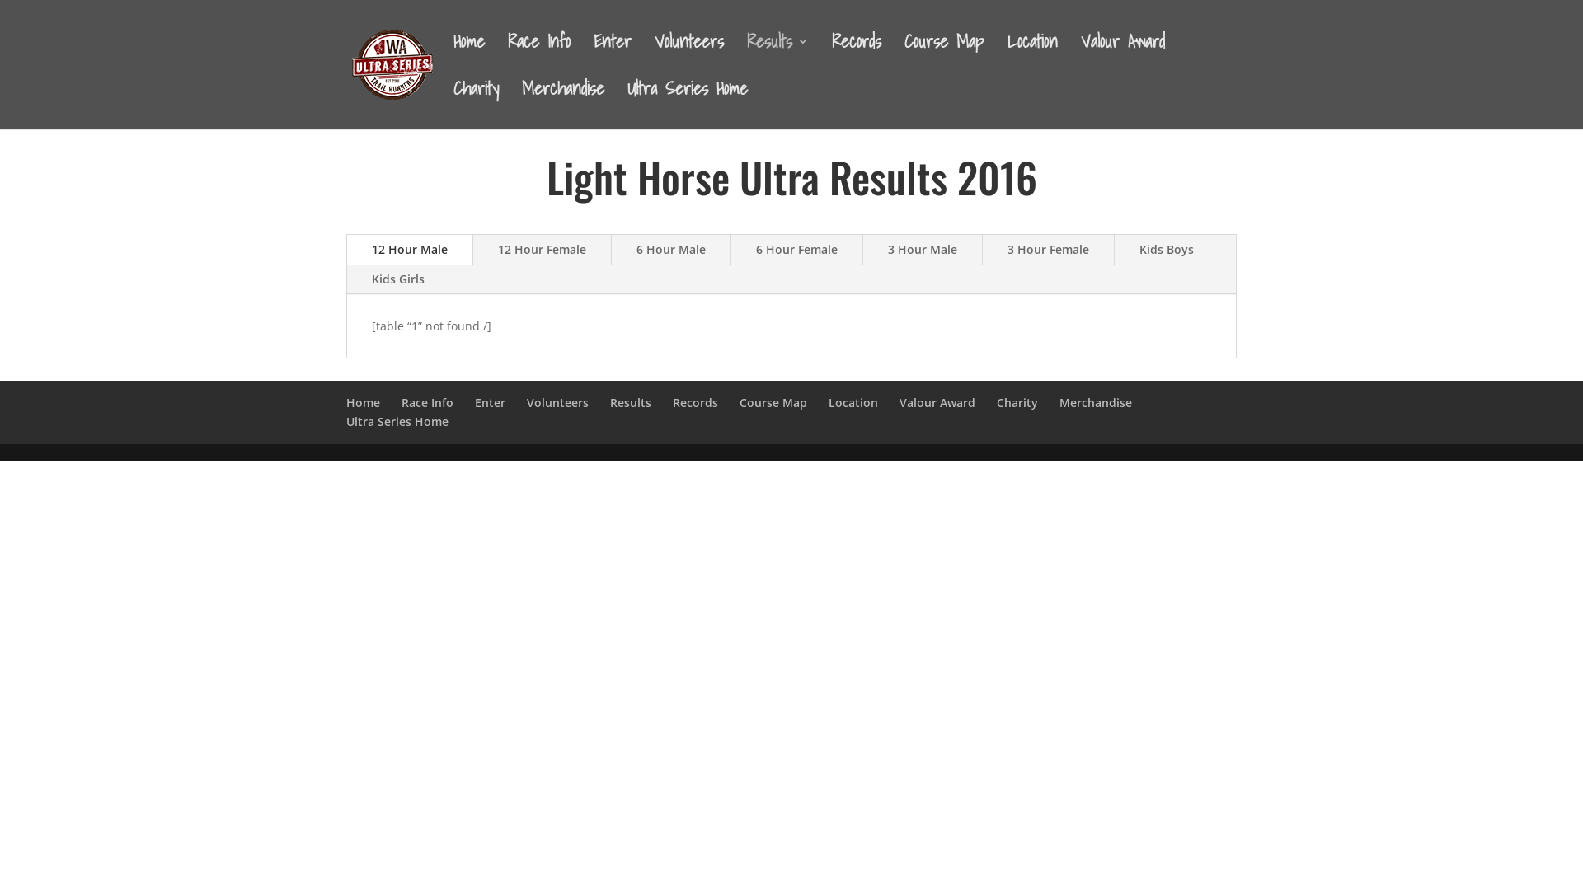 This screenshot has width=1583, height=890. What do you see at coordinates (1166, 250) in the screenshot?
I see `'Kids Boys'` at bounding box center [1166, 250].